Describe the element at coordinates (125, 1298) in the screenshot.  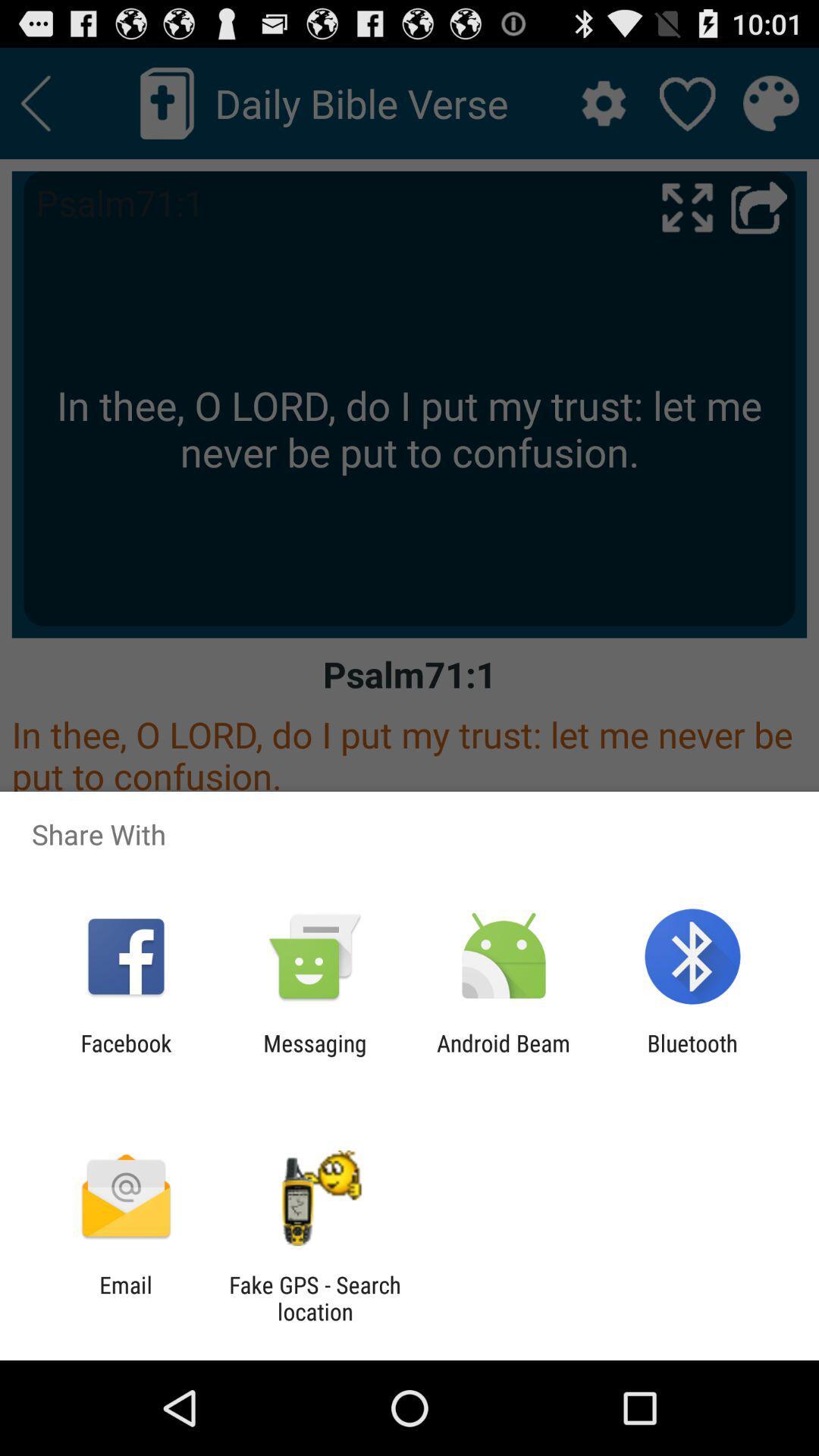
I see `the icon next to fake gps search item` at that location.